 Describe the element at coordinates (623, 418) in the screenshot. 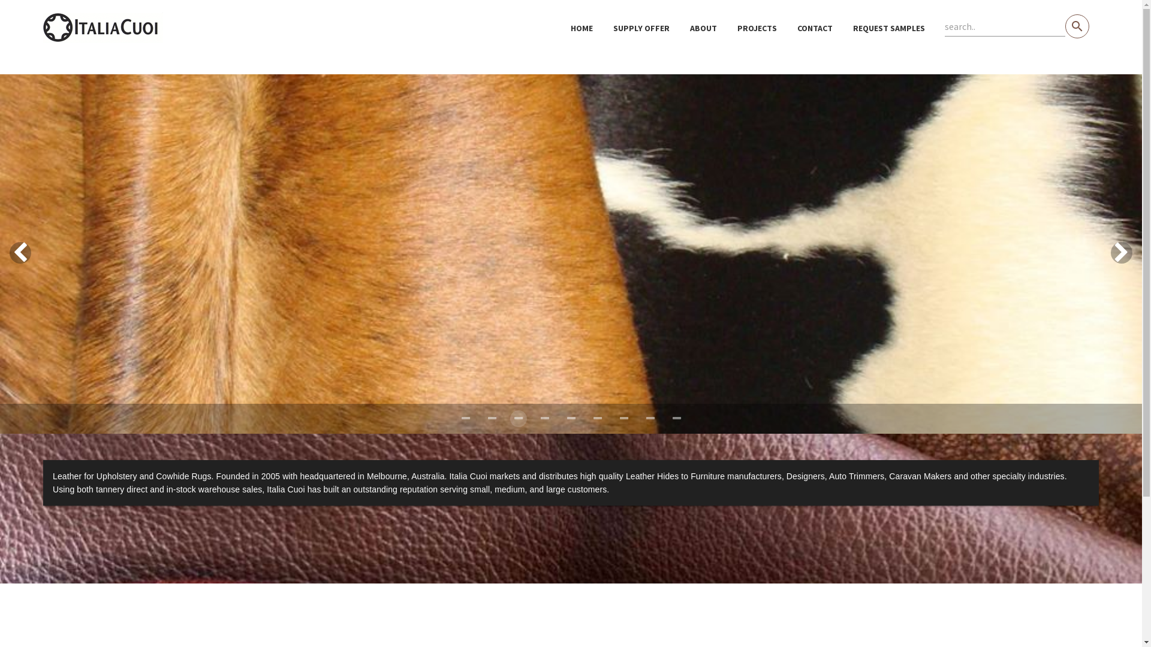

I see `'6'` at that location.